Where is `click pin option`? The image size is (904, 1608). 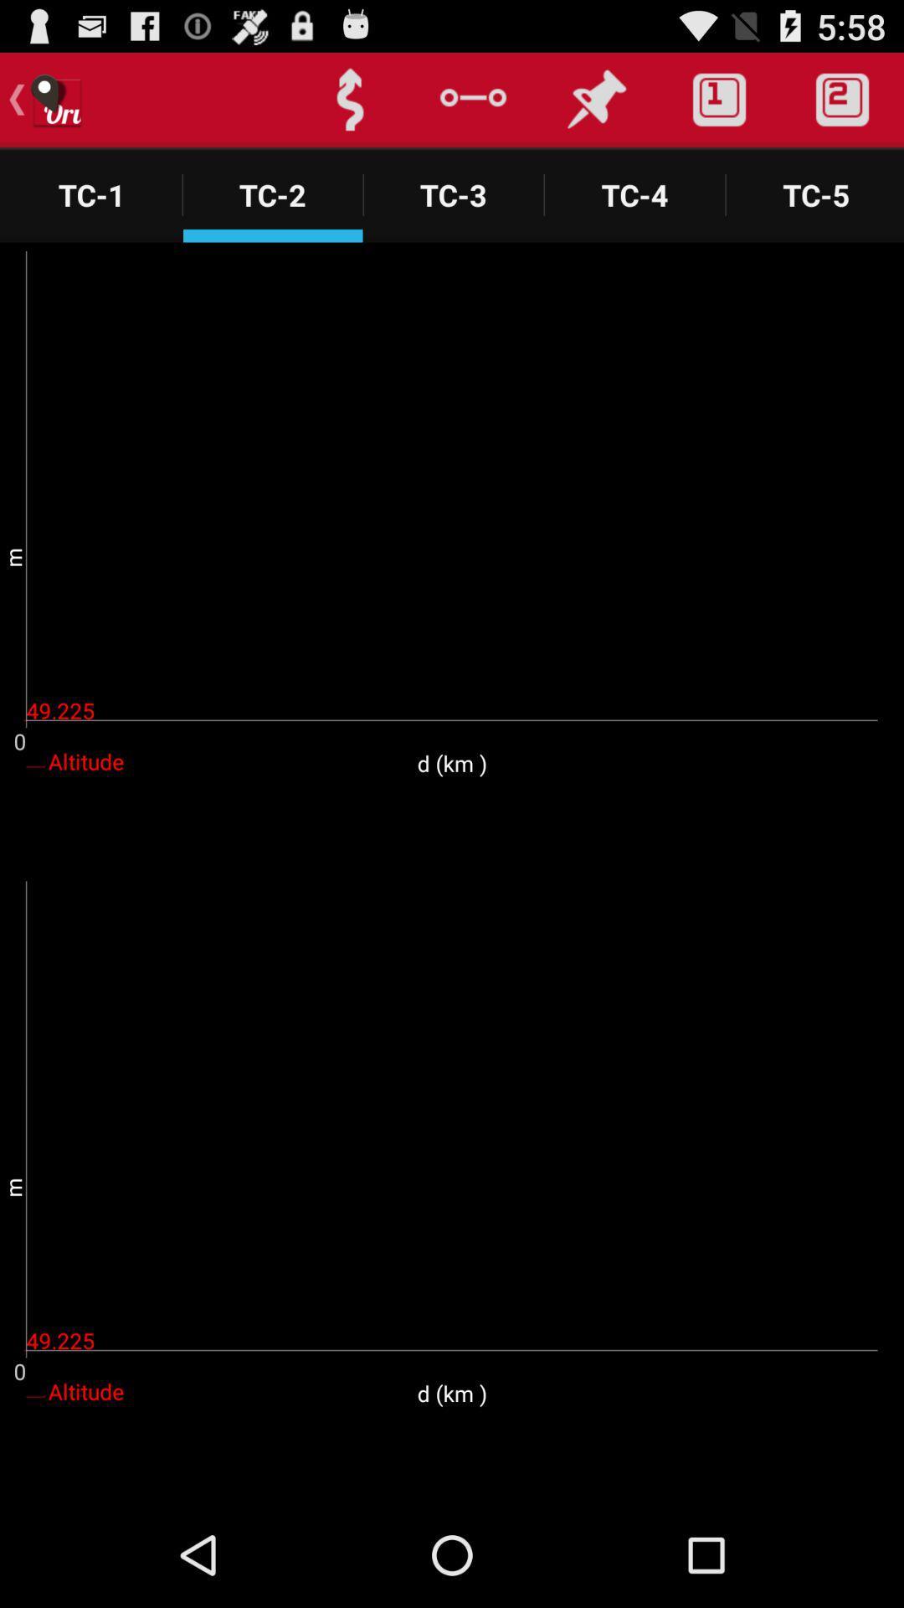
click pin option is located at coordinates (595, 99).